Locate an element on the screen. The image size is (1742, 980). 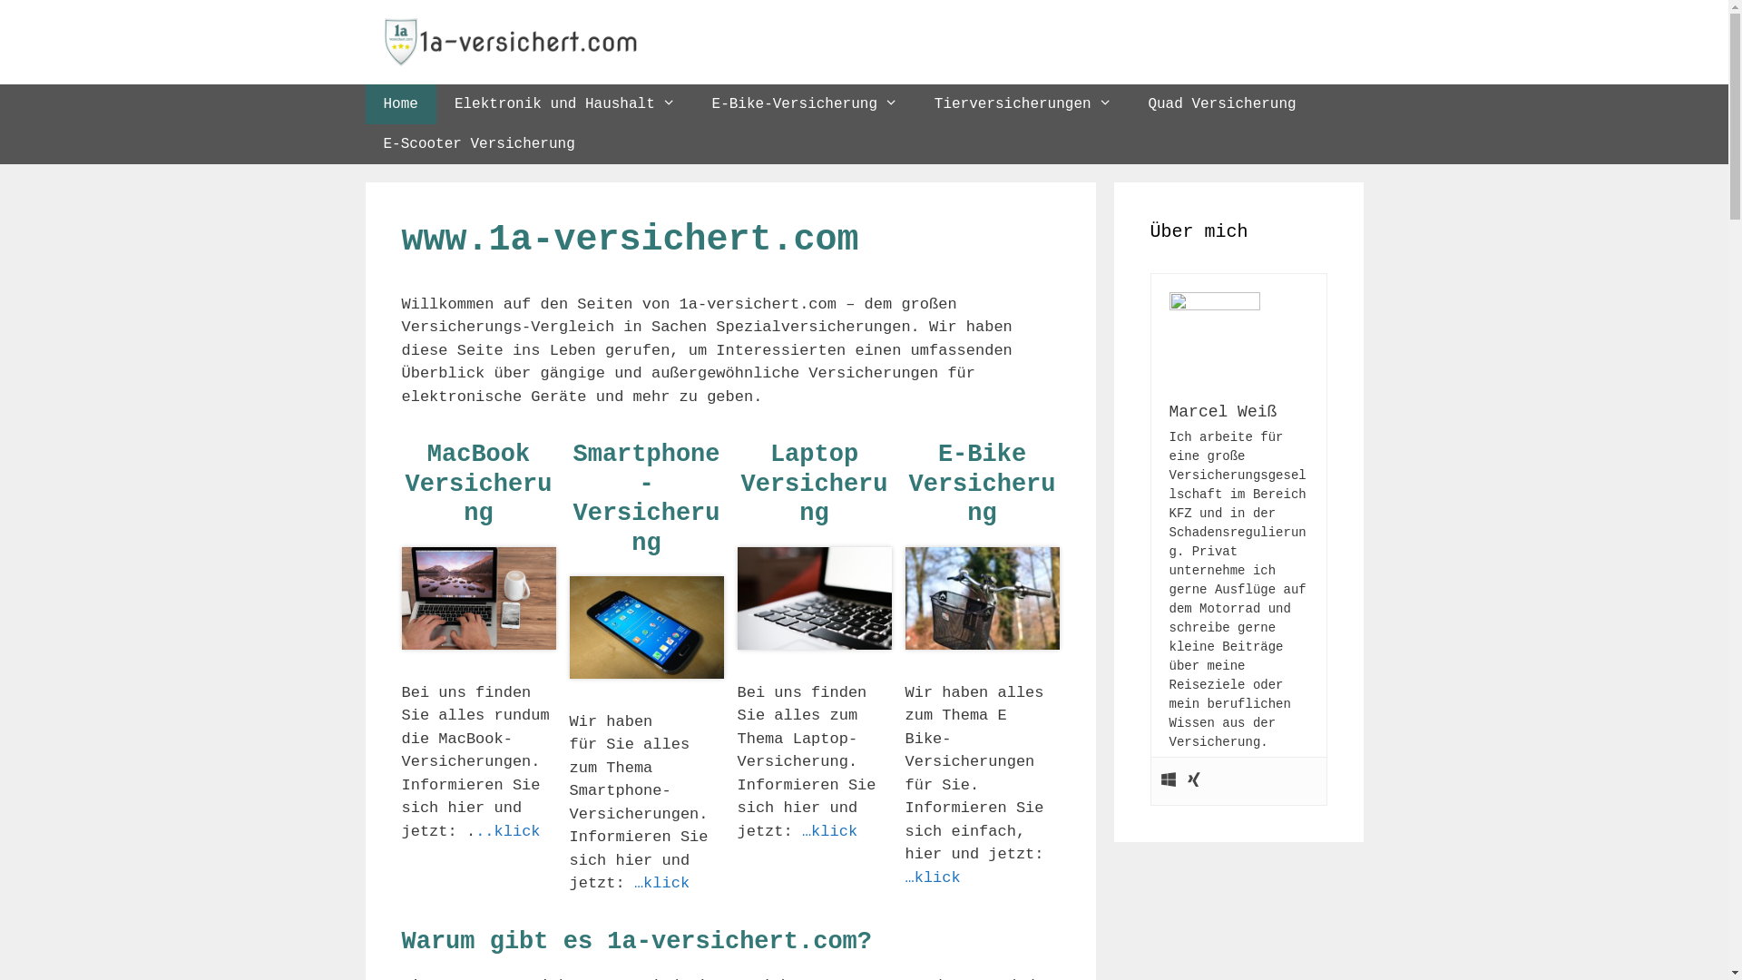
'Quad Versicherung' is located at coordinates (1128, 104).